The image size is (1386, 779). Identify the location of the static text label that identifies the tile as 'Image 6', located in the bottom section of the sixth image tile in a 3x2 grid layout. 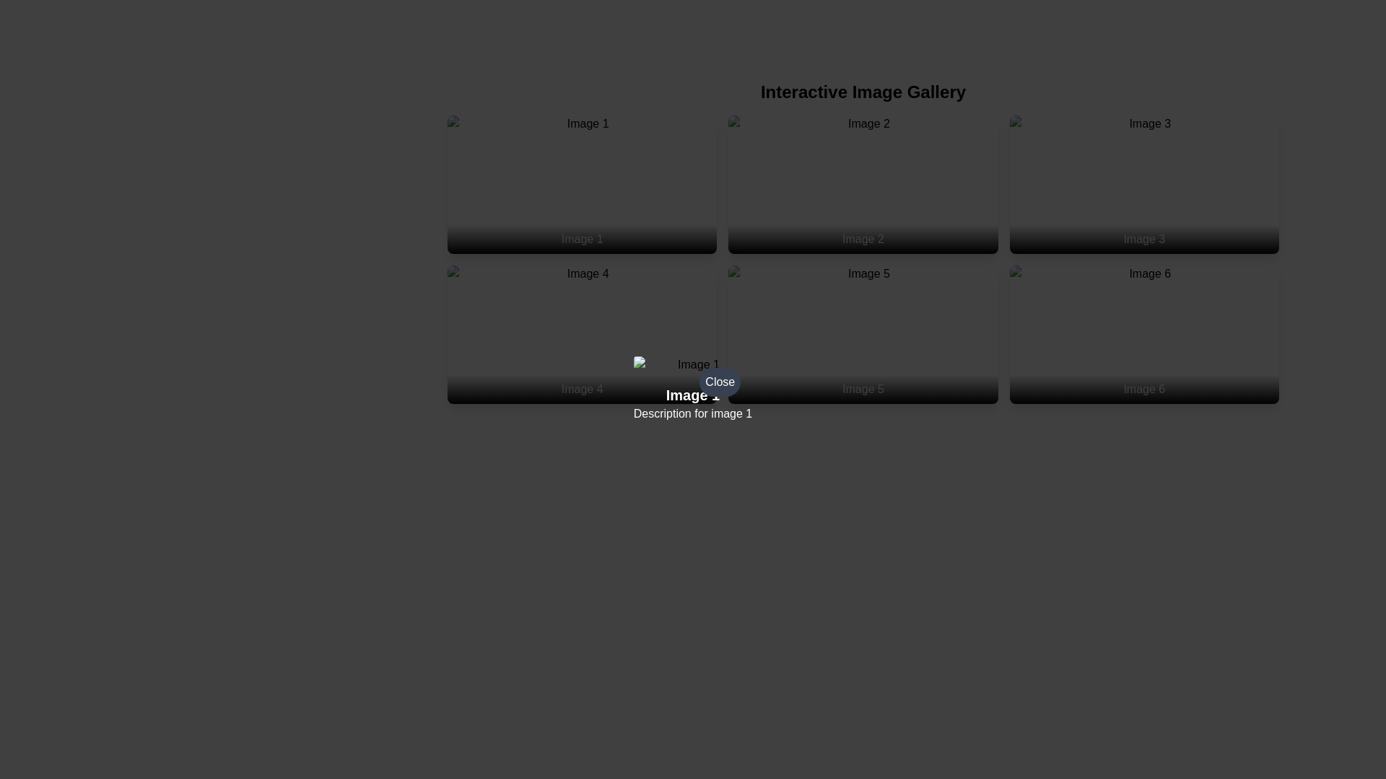
(1143, 389).